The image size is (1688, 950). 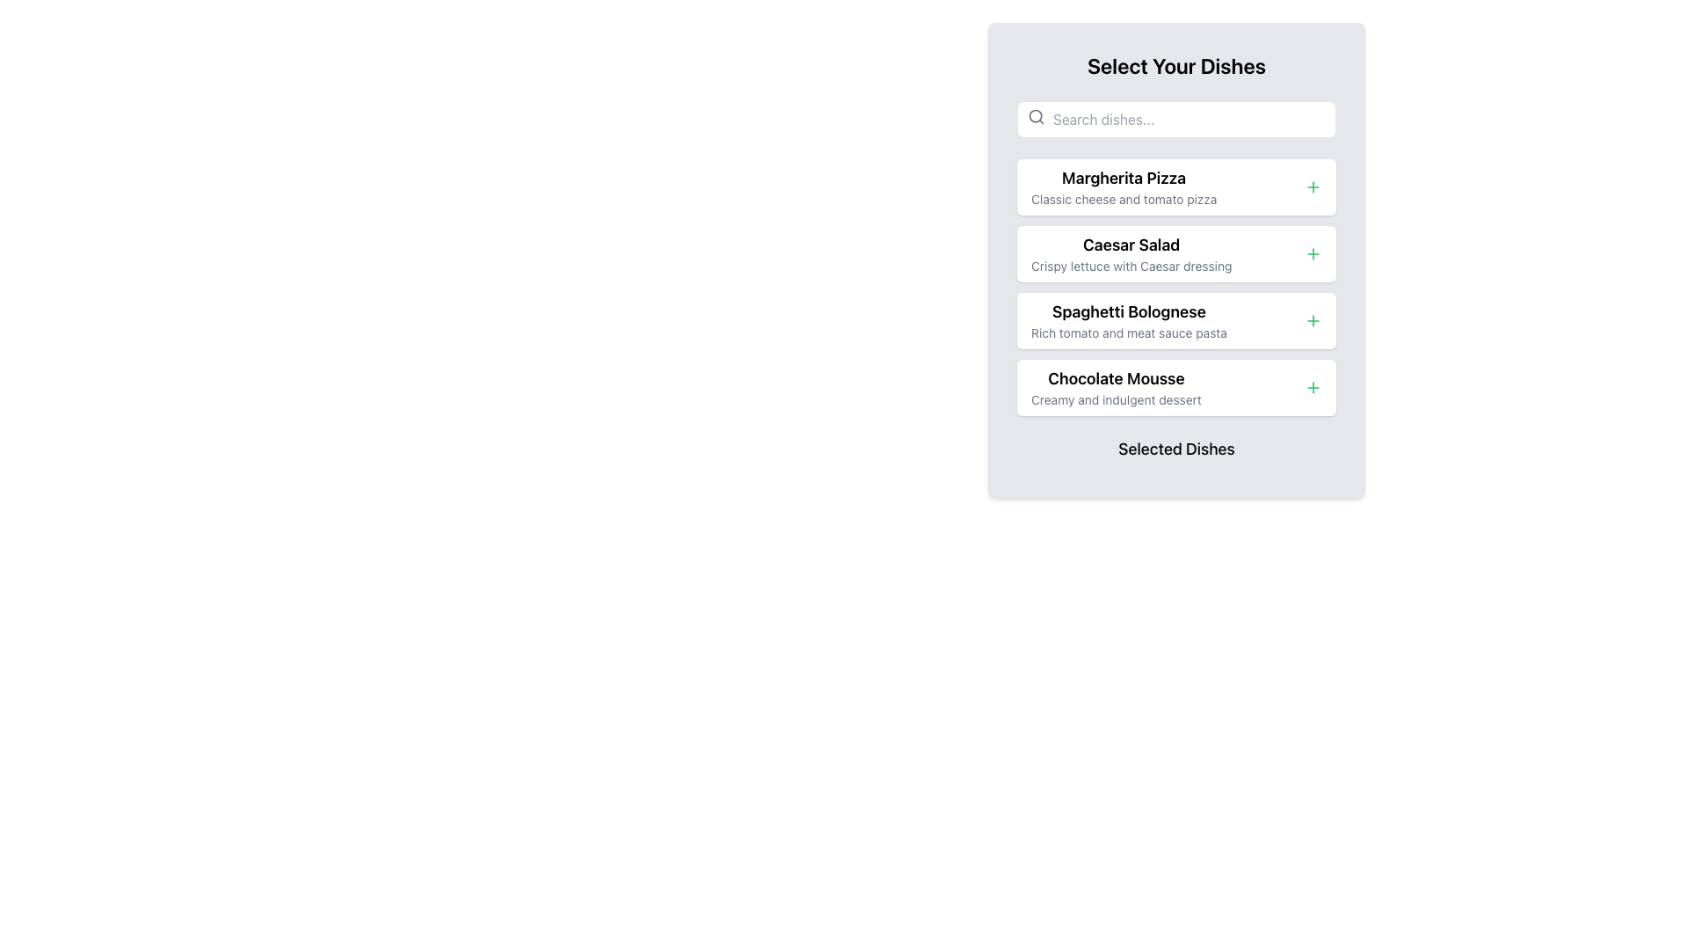 What do you see at coordinates (1176, 186) in the screenshot?
I see `the first selectable menu item for 'Margherita Pizza' located under the 'Select Your Dishes' section` at bounding box center [1176, 186].